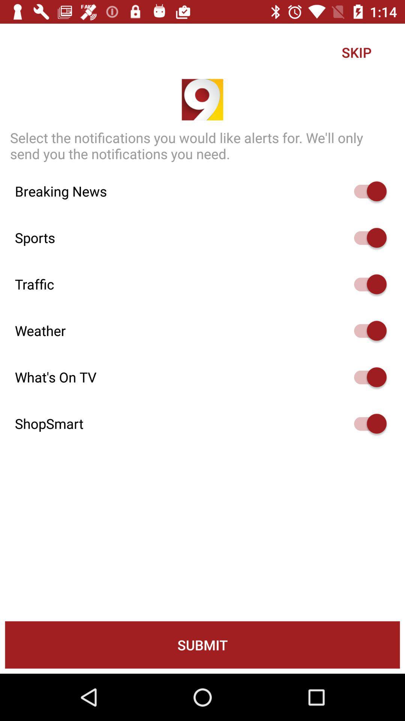  What do you see at coordinates (366, 330) in the screenshot?
I see `weather on` at bounding box center [366, 330].